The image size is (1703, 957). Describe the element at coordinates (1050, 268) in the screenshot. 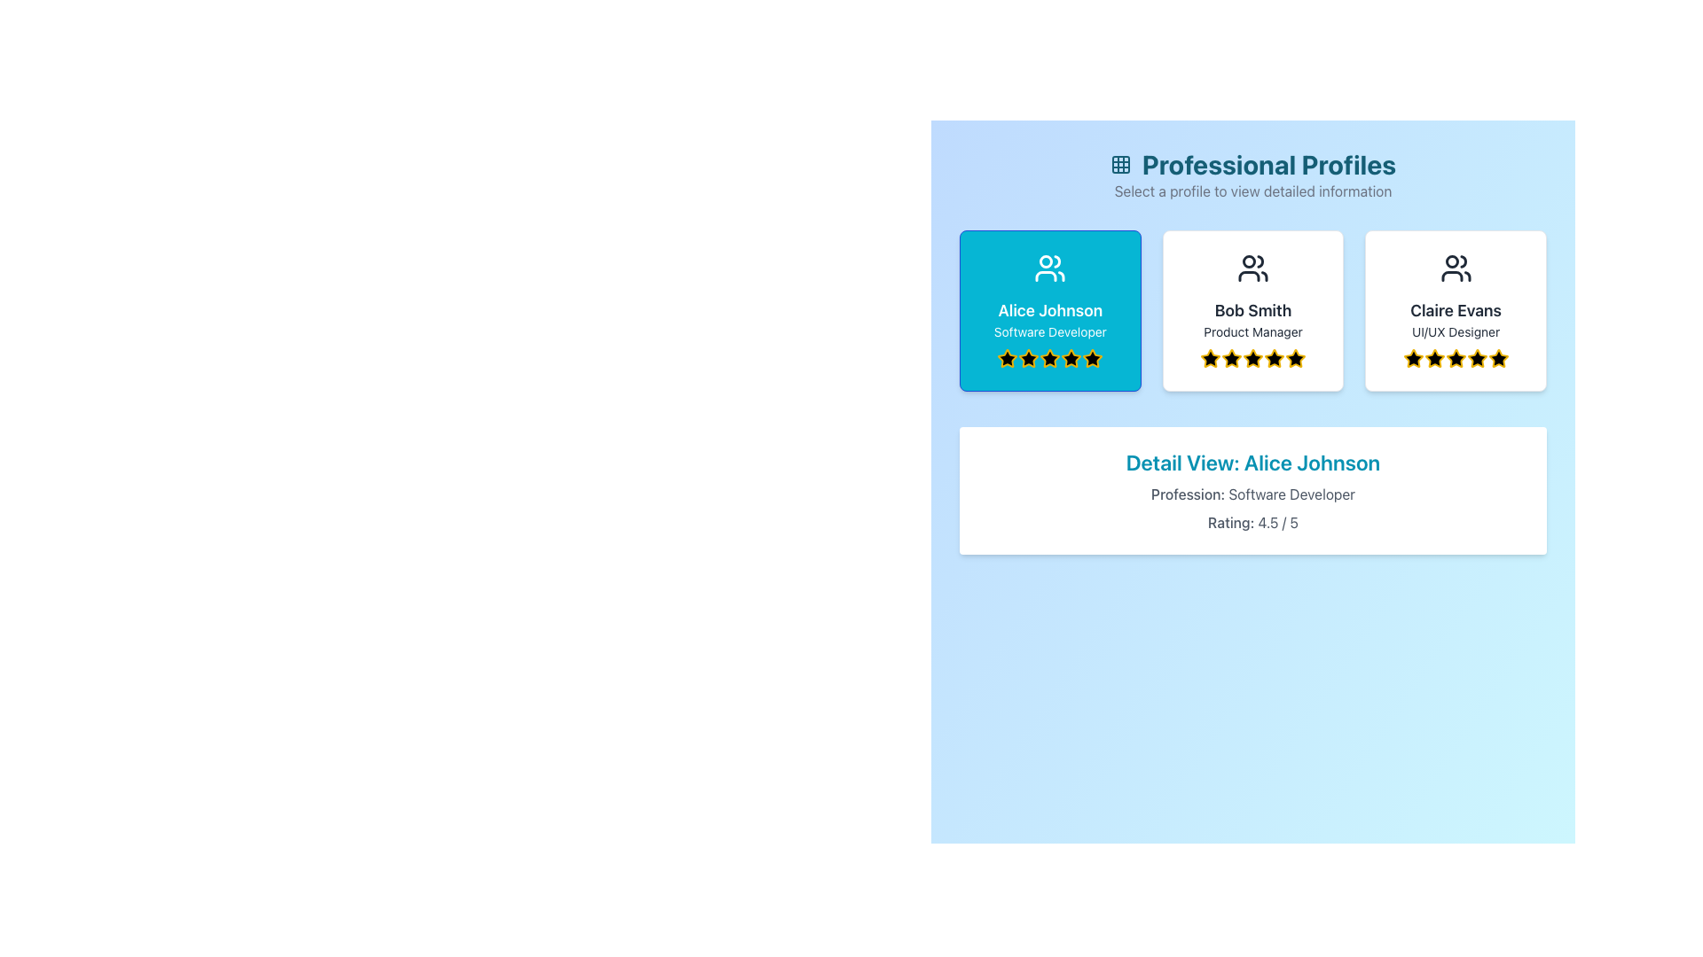

I see `the icon resembling a group of people with a white outline on a cyan background, located within the card displaying 'Alice Johnson - Software Developer.'` at that location.